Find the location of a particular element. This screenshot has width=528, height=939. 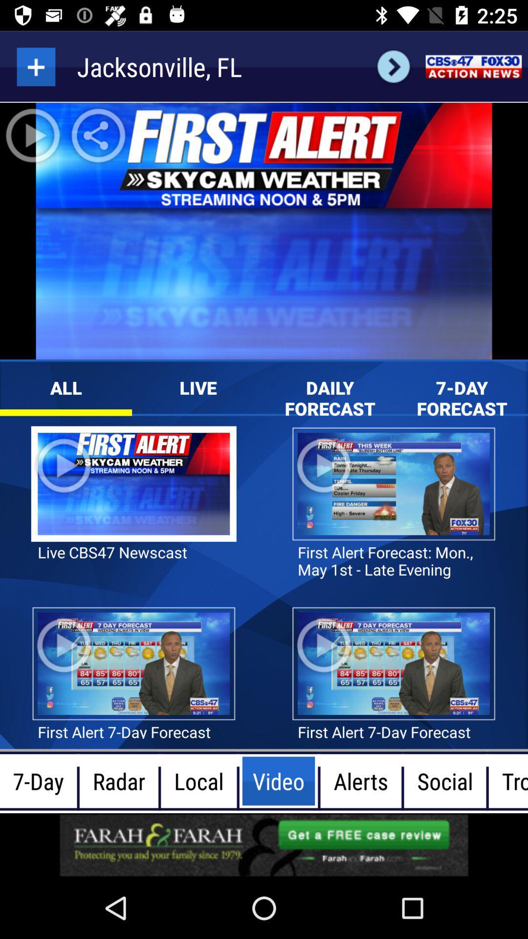

advertisement website is located at coordinates (264, 845).